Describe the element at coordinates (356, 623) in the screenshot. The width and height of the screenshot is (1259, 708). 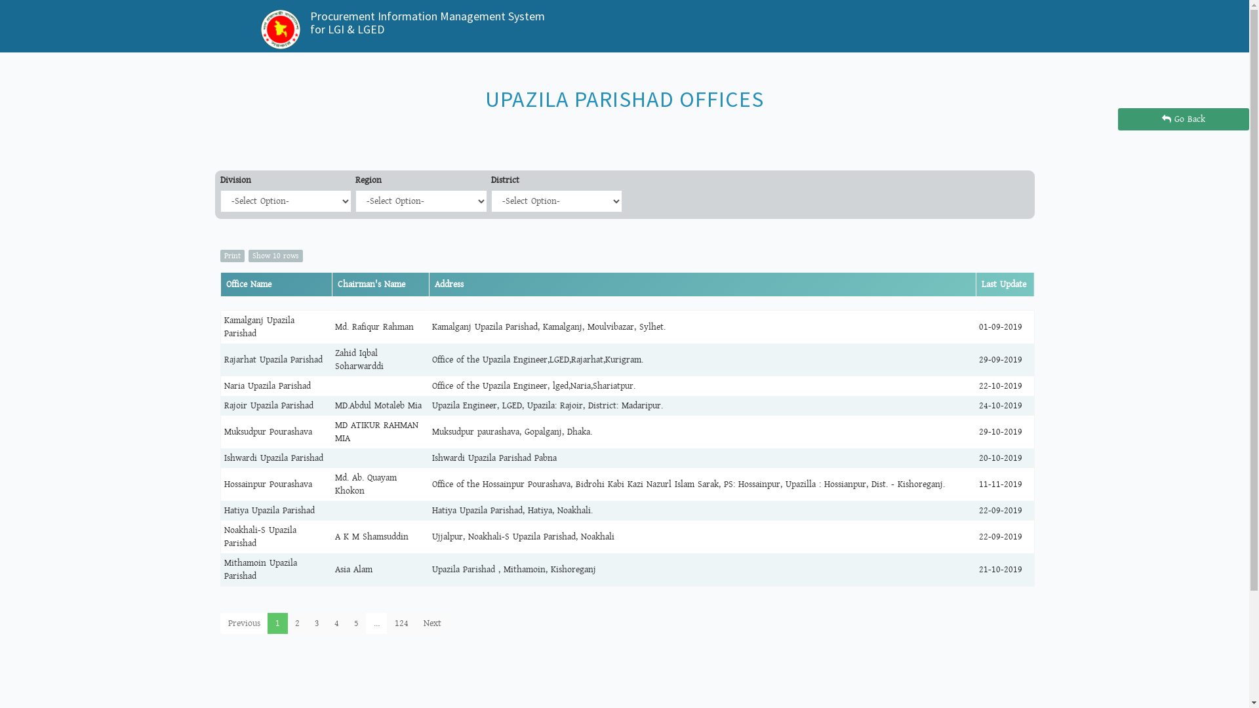
I see `'5'` at that location.